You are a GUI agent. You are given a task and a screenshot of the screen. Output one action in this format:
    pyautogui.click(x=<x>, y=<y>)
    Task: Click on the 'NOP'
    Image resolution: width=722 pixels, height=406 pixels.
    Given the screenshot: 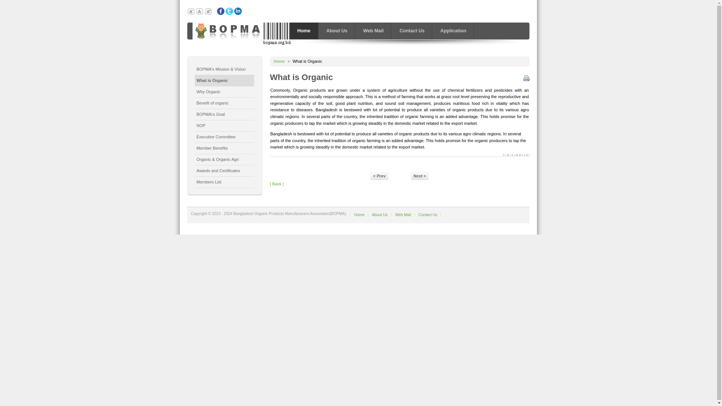 What is the action you would take?
    pyautogui.click(x=224, y=126)
    